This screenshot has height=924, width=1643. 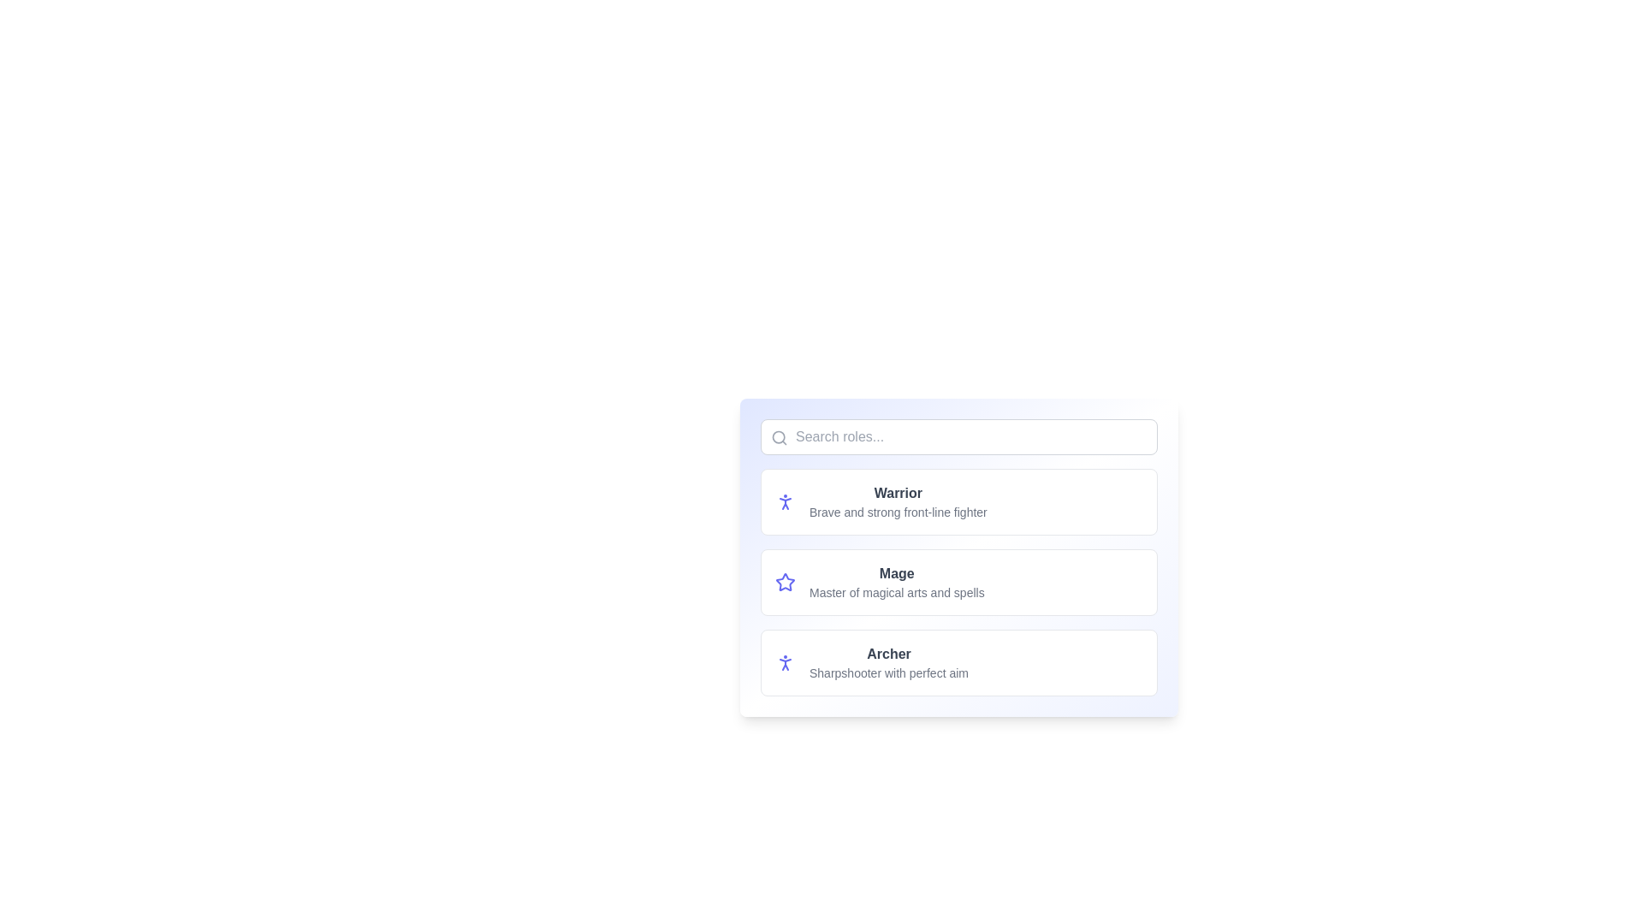 I want to click on the 'Archer' selectable card, which has a white background and contains the text 'Archer' in bold dark-gray font, to activate the role selection process, so click(x=959, y=662).